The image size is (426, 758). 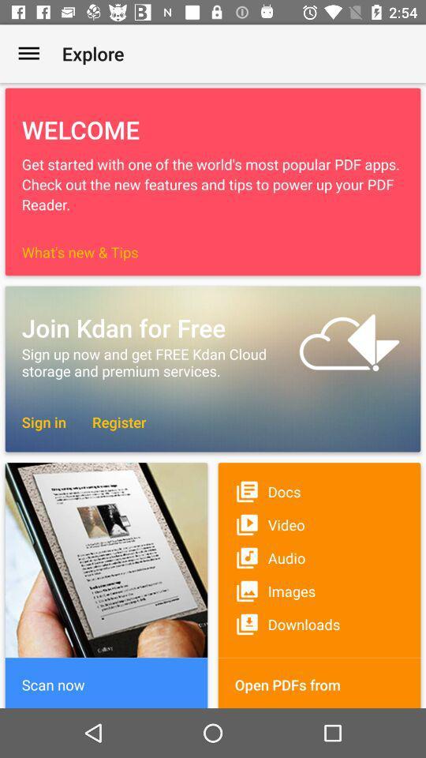 What do you see at coordinates (110, 421) in the screenshot?
I see `item below sign up now icon` at bounding box center [110, 421].